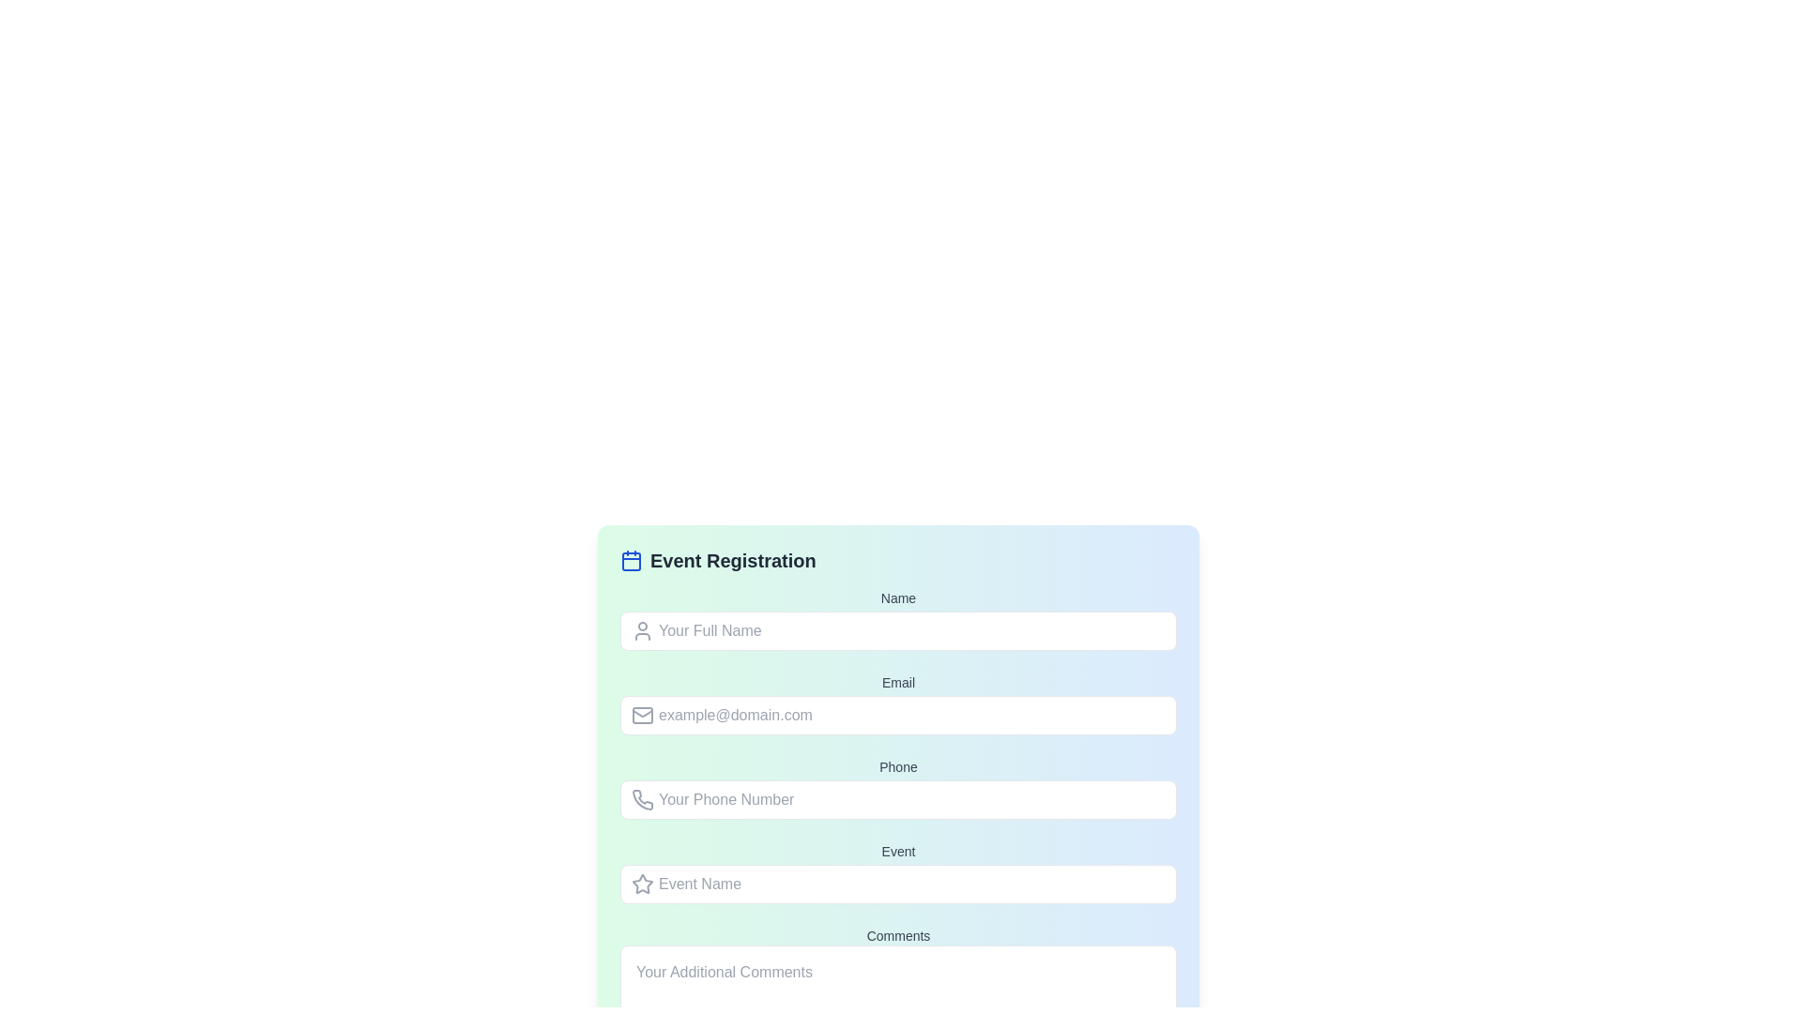 The height and width of the screenshot is (1013, 1802). I want to click on the email input icon located to the left of the 'Email' input field within the form, so click(643, 716).